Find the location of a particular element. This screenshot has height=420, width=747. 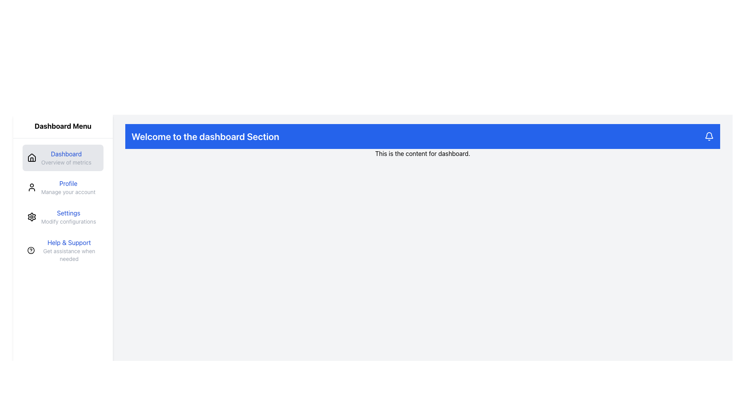

the text label that says 'Welcome to the dashboard Section', which is styled with a large font size, bold white text, and positioned in the blue header bar at the top of the page, aligned to the left is located at coordinates (205, 136).